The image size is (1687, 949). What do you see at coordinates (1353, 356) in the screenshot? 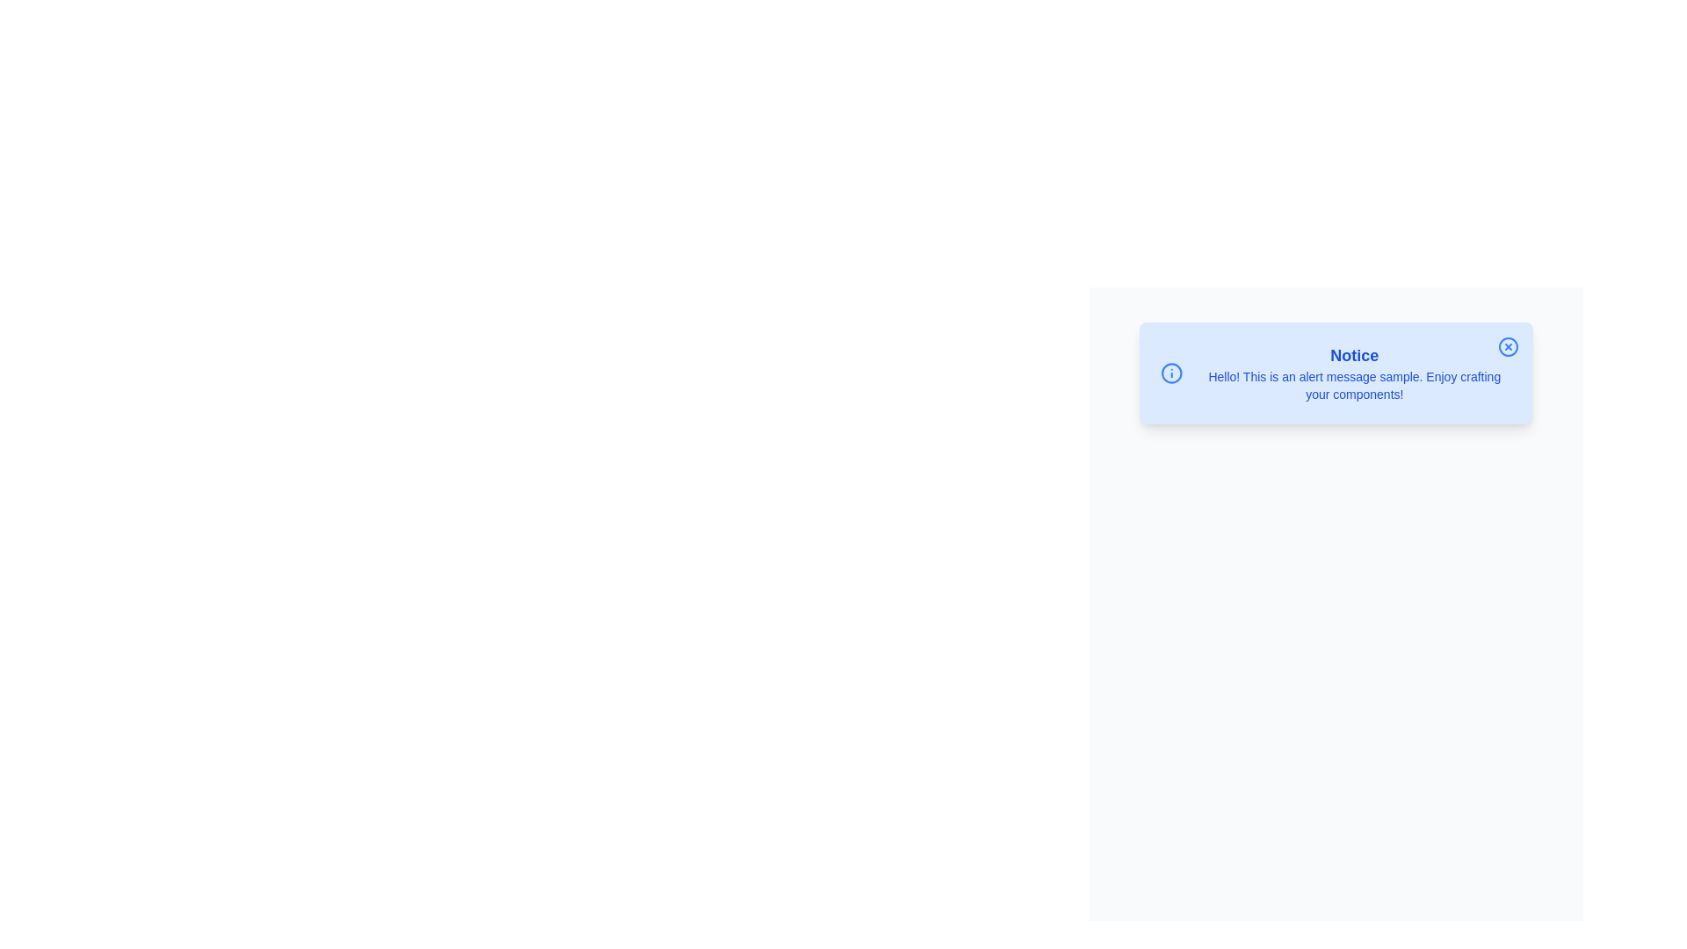
I see `title text of the alert message box, which is positioned in the upper horizontal half and centered above the description text` at bounding box center [1353, 356].